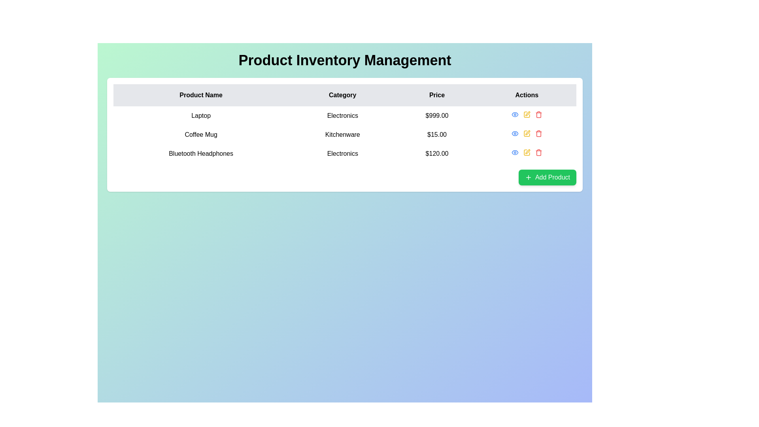 The height and width of the screenshot is (427, 759). I want to click on the 'Add Product' button, which is a rectangular button with rounded corners, vibrant green background, white text, and a plus sign icon, so click(547, 177).